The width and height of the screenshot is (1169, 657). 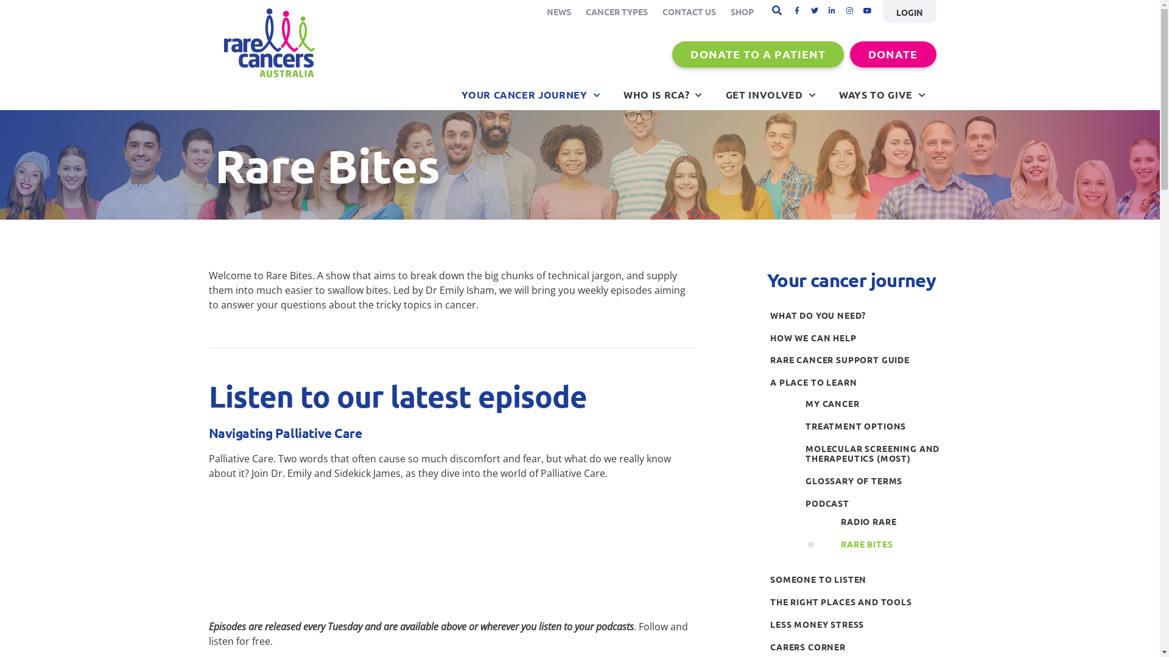 What do you see at coordinates (882, 94) in the screenshot?
I see `'WAYS TO GIVE'` at bounding box center [882, 94].